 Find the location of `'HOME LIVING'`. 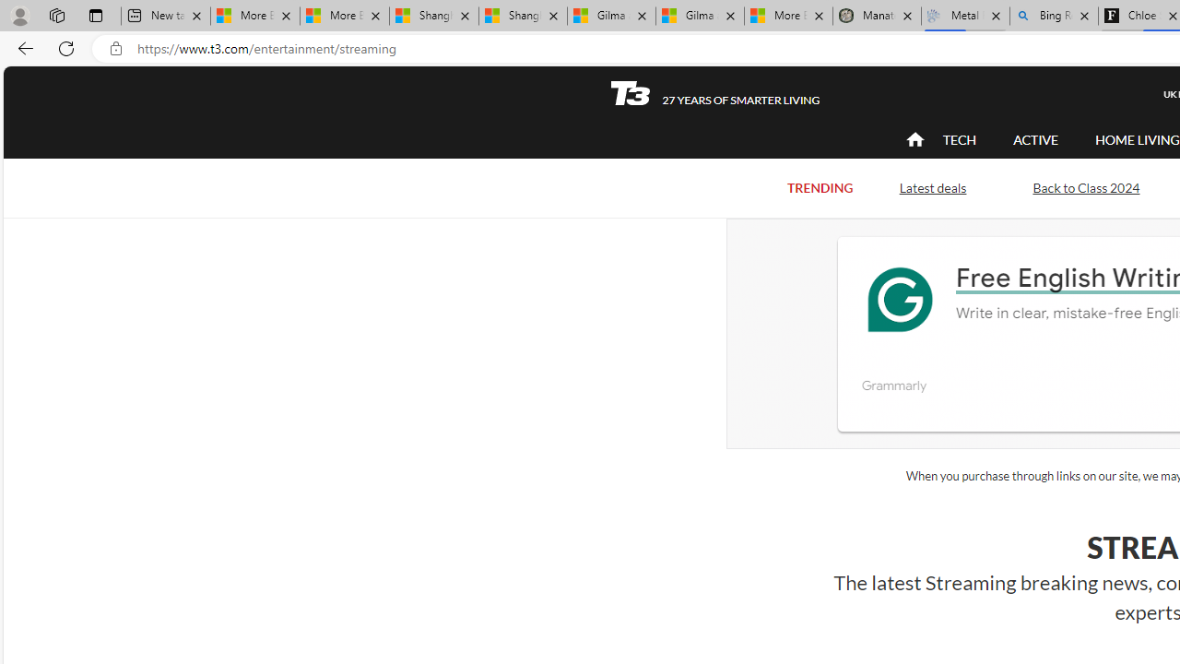

'HOME LIVING' is located at coordinates (1136, 138).